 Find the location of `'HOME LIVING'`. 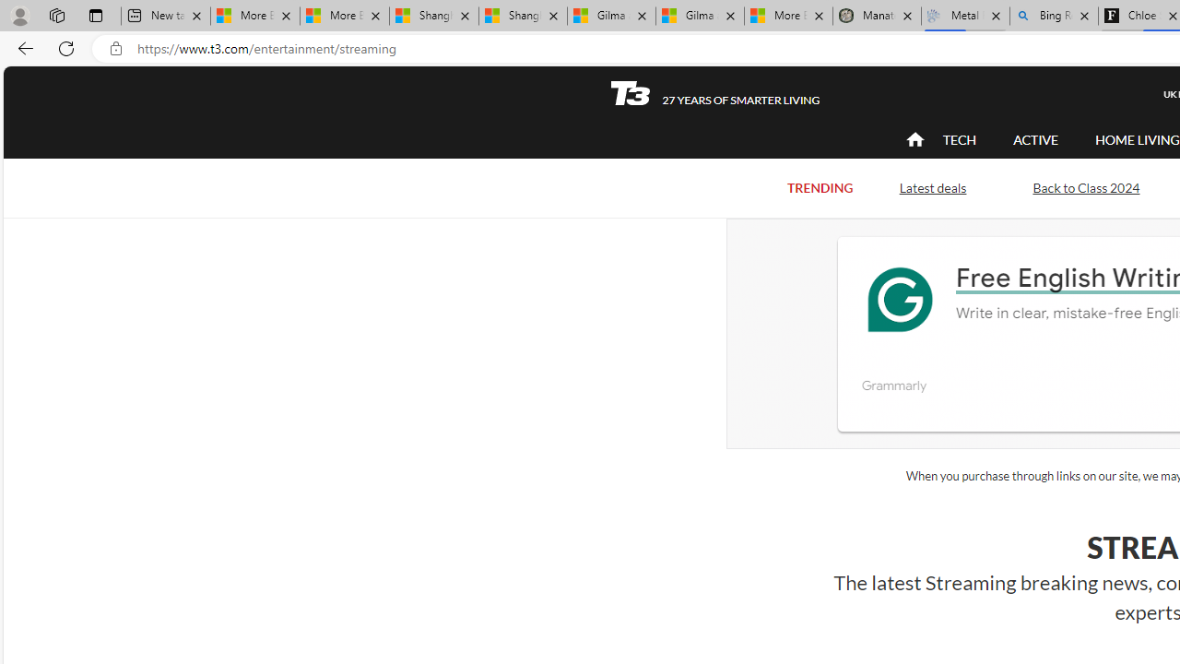

'HOME LIVING' is located at coordinates (1136, 138).